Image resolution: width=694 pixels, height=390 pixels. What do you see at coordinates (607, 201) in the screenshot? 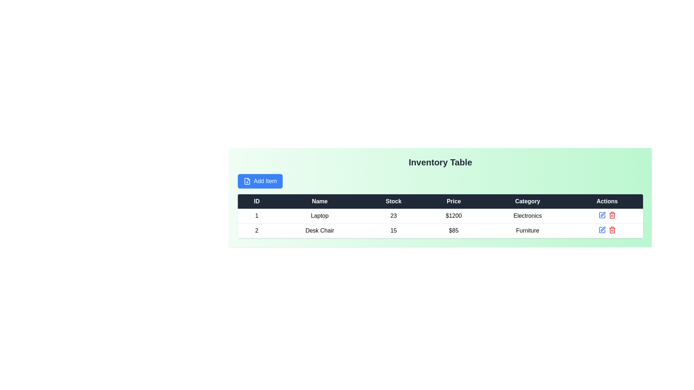
I see `the text label displaying 'Actions' in white color located in the header row of the table as the last column` at bounding box center [607, 201].